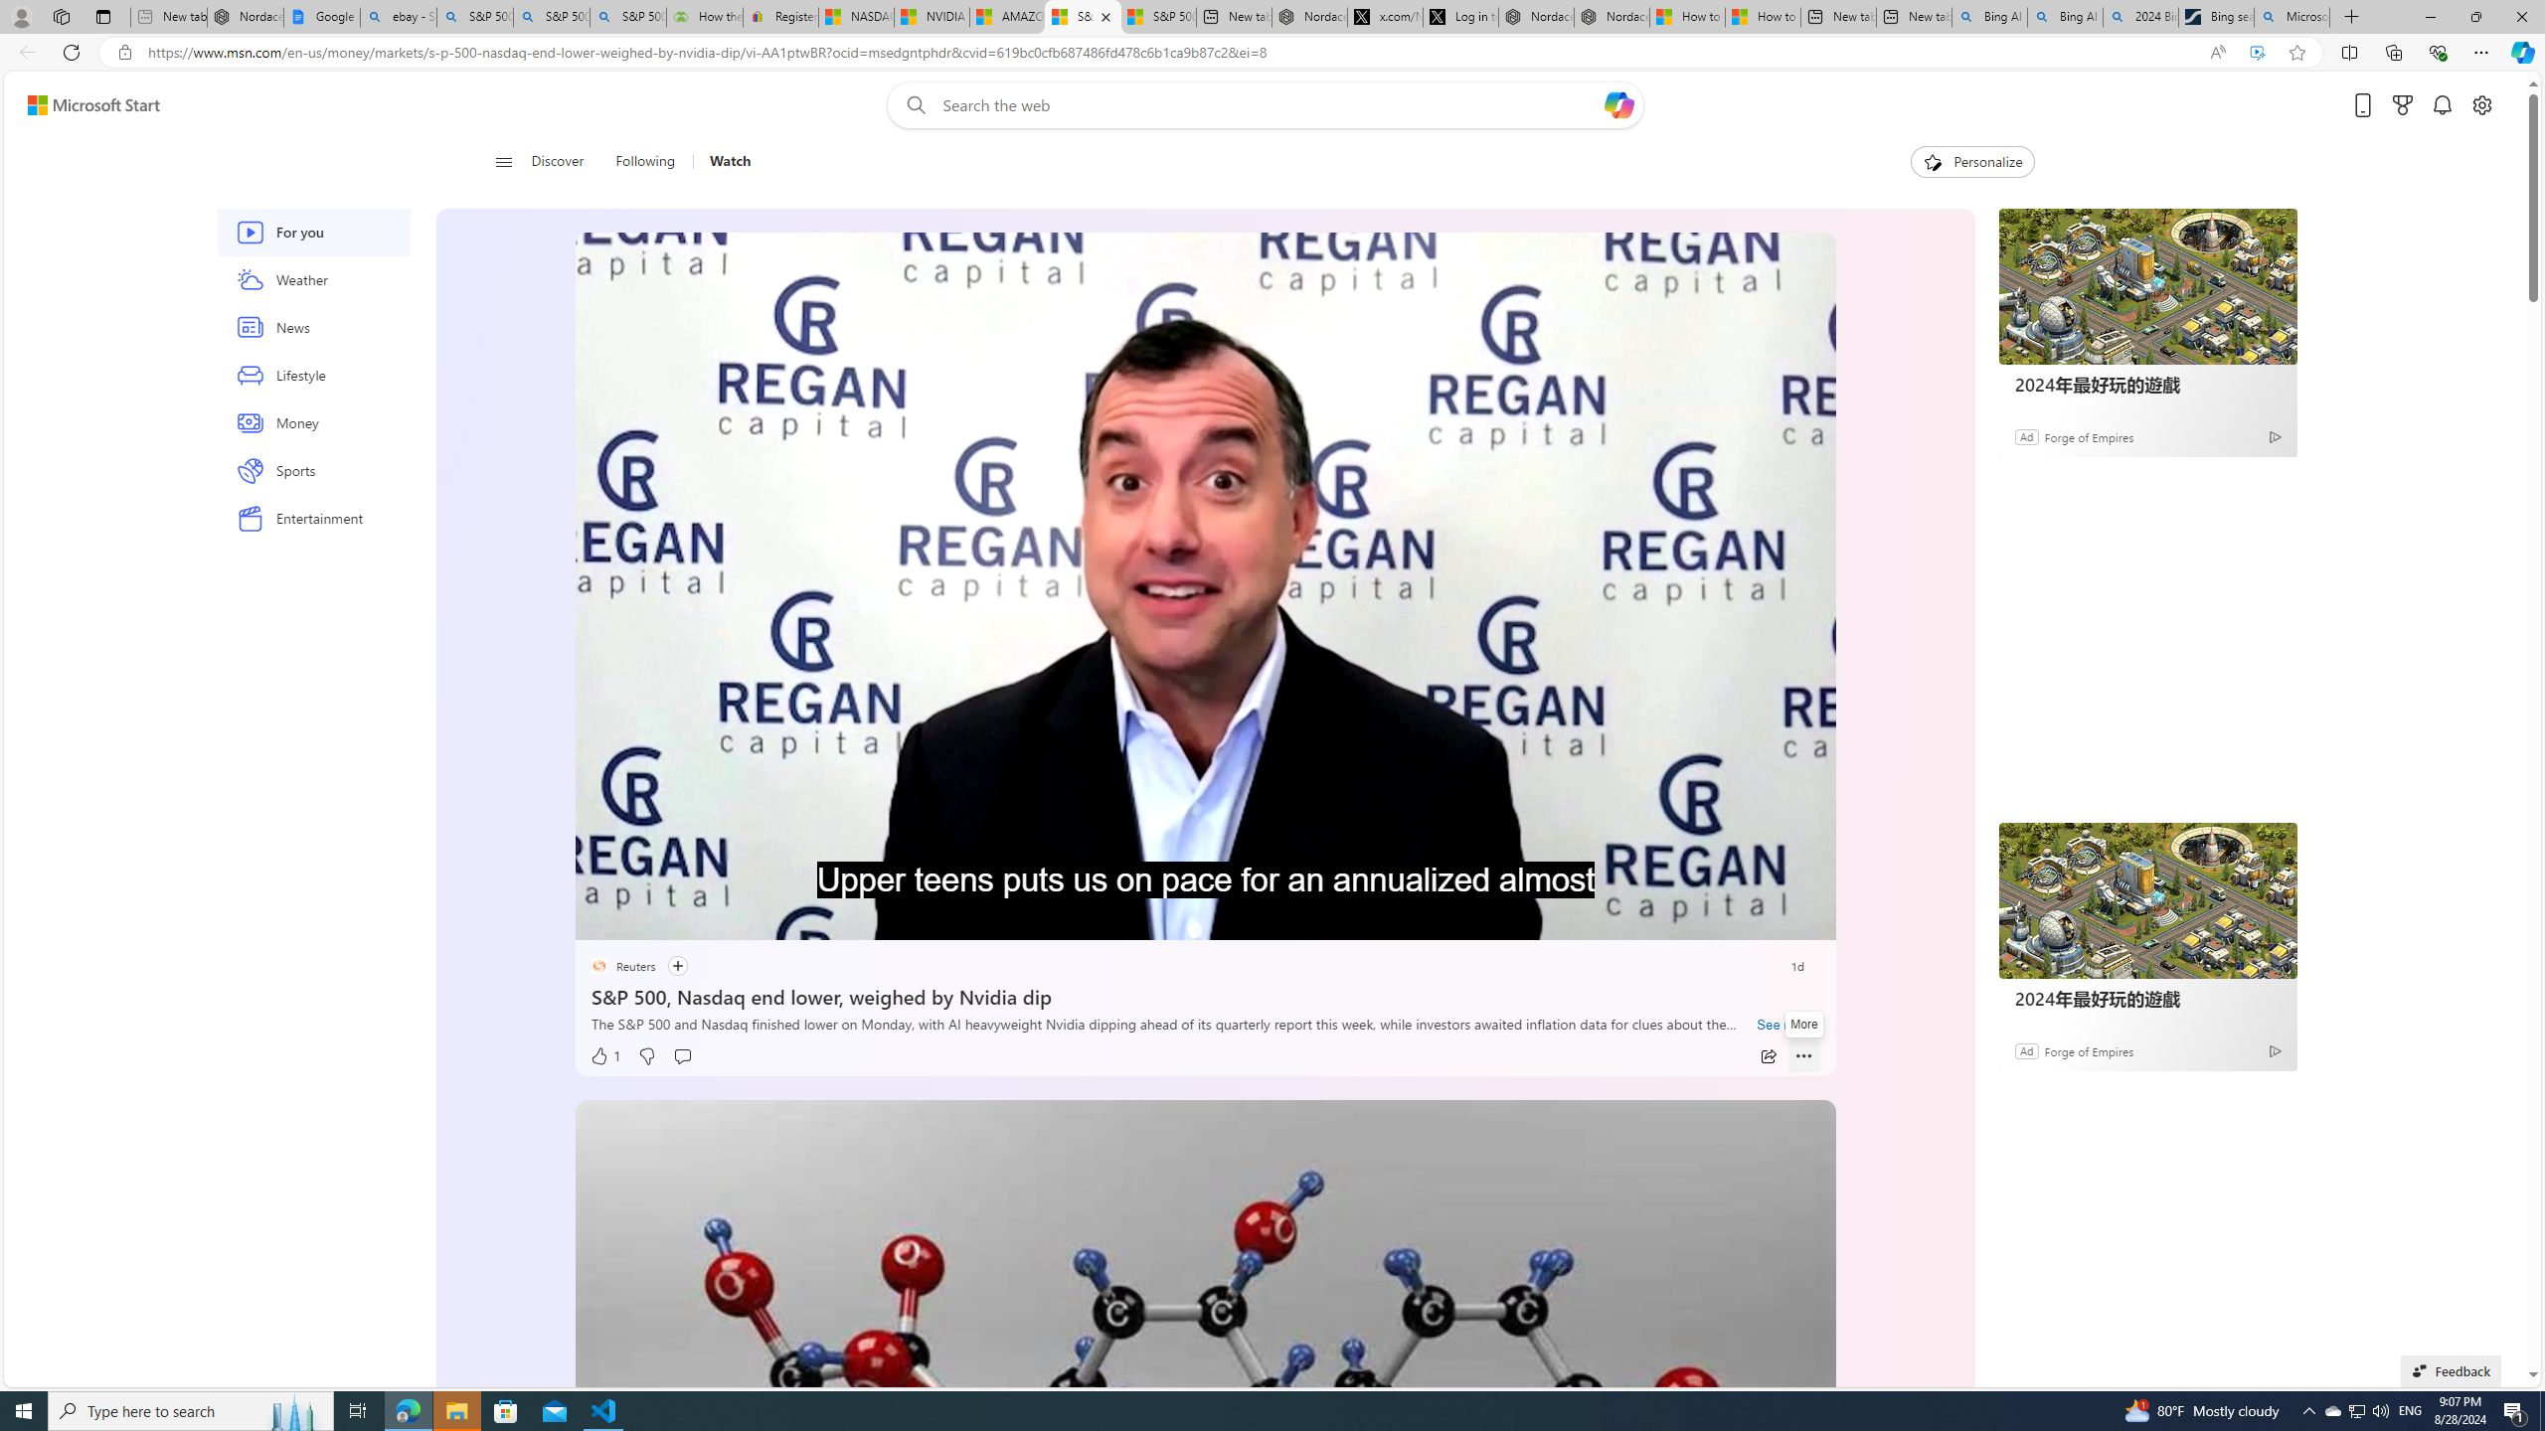  I want to click on 'How the S&P 500 Performed During Major Market Crashes', so click(705, 16).